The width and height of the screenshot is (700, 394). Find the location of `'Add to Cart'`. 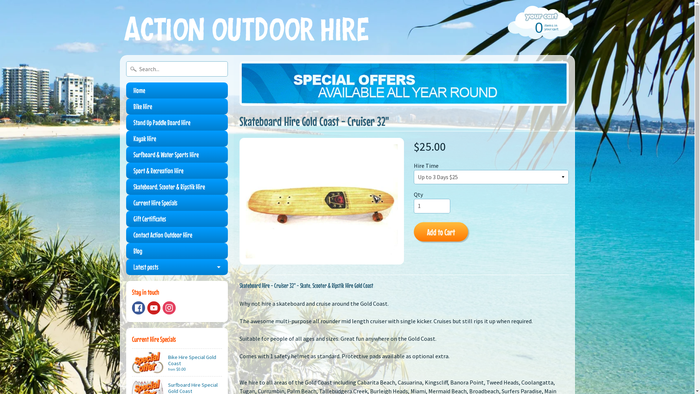

'Add to Cart' is located at coordinates (413, 232).